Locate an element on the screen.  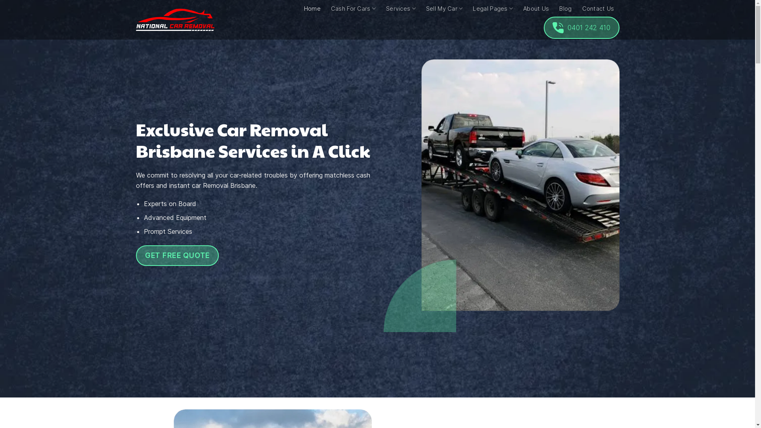
'Cash For Cars' is located at coordinates (353, 8).